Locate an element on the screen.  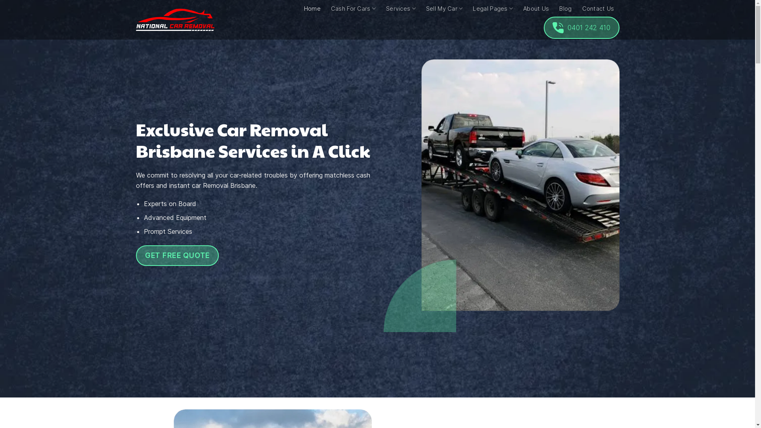
'Cash For Cars' is located at coordinates (353, 8).